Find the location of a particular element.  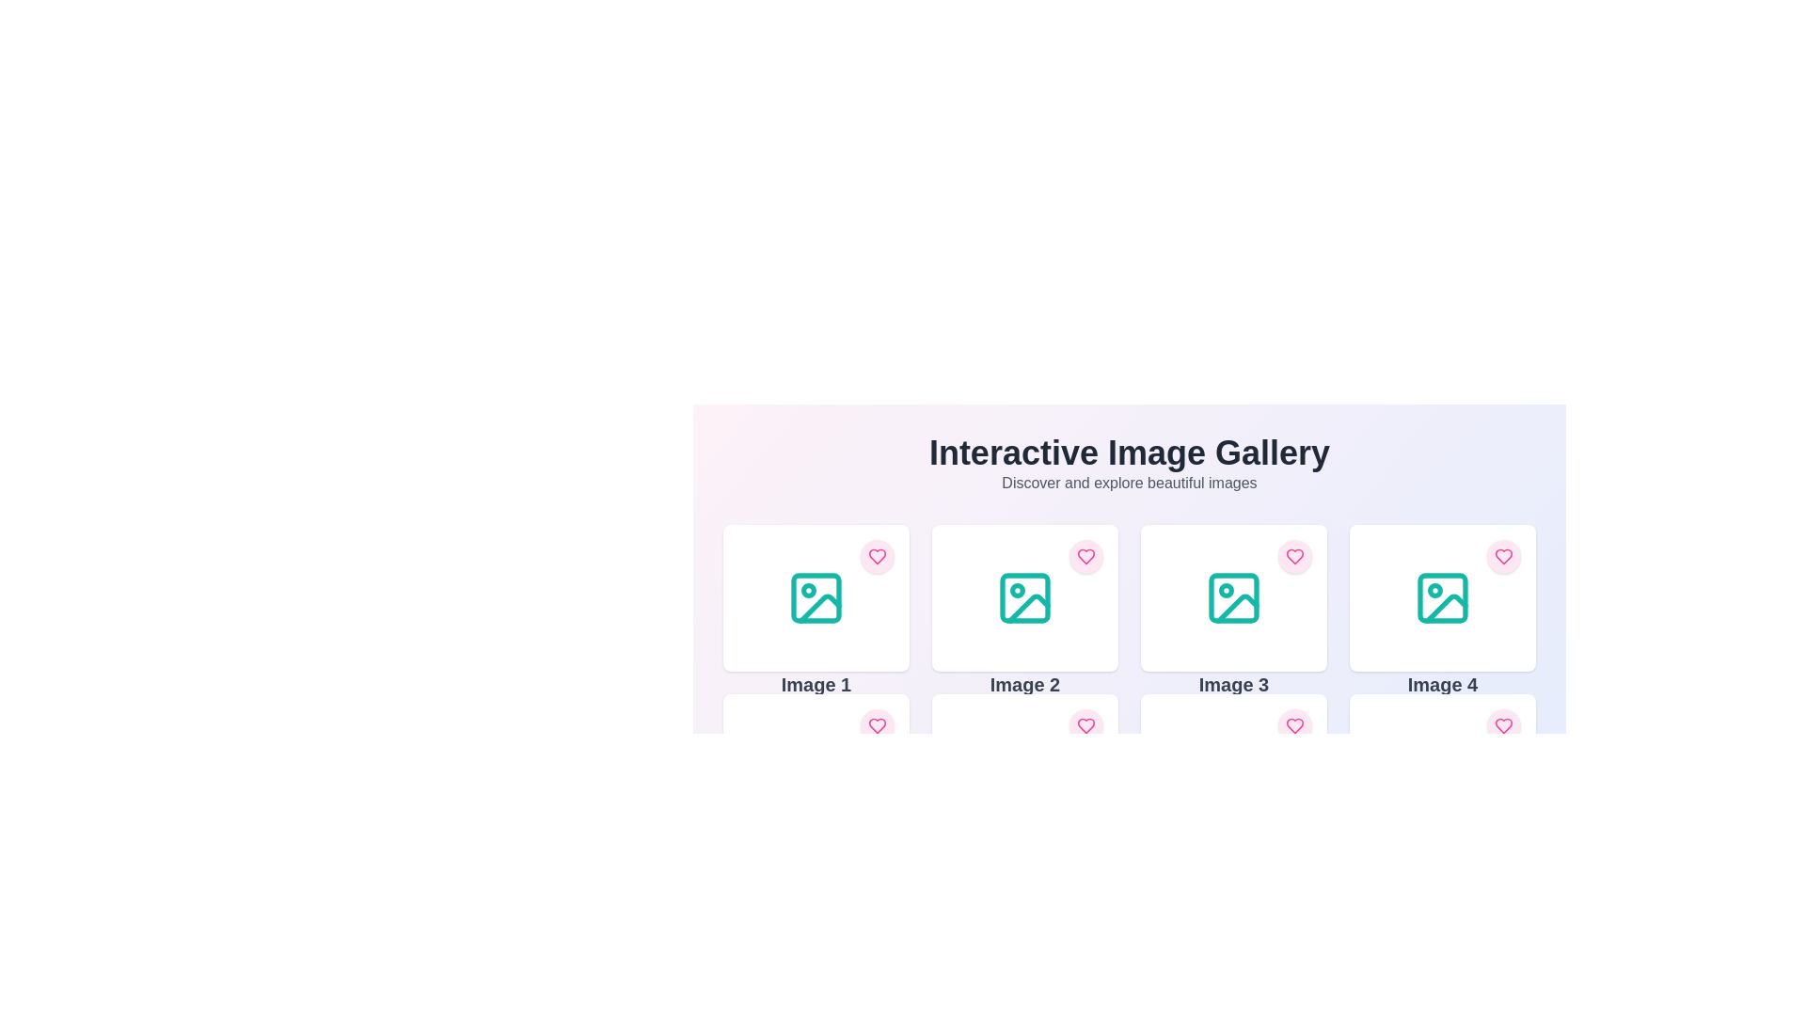

the SVG icon depicting an image-like symbol located in the first card of the 'Interactive Image Gallery' under 'Image 1' is located at coordinates (816, 598).